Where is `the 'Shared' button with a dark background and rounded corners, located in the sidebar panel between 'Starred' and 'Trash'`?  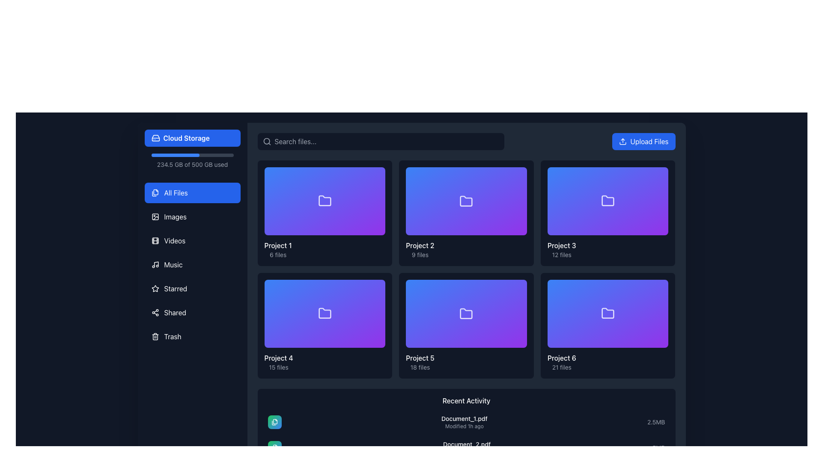 the 'Shared' button with a dark background and rounded corners, located in the sidebar panel between 'Starred' and 'Trash' is located at coordinates (192, 313).